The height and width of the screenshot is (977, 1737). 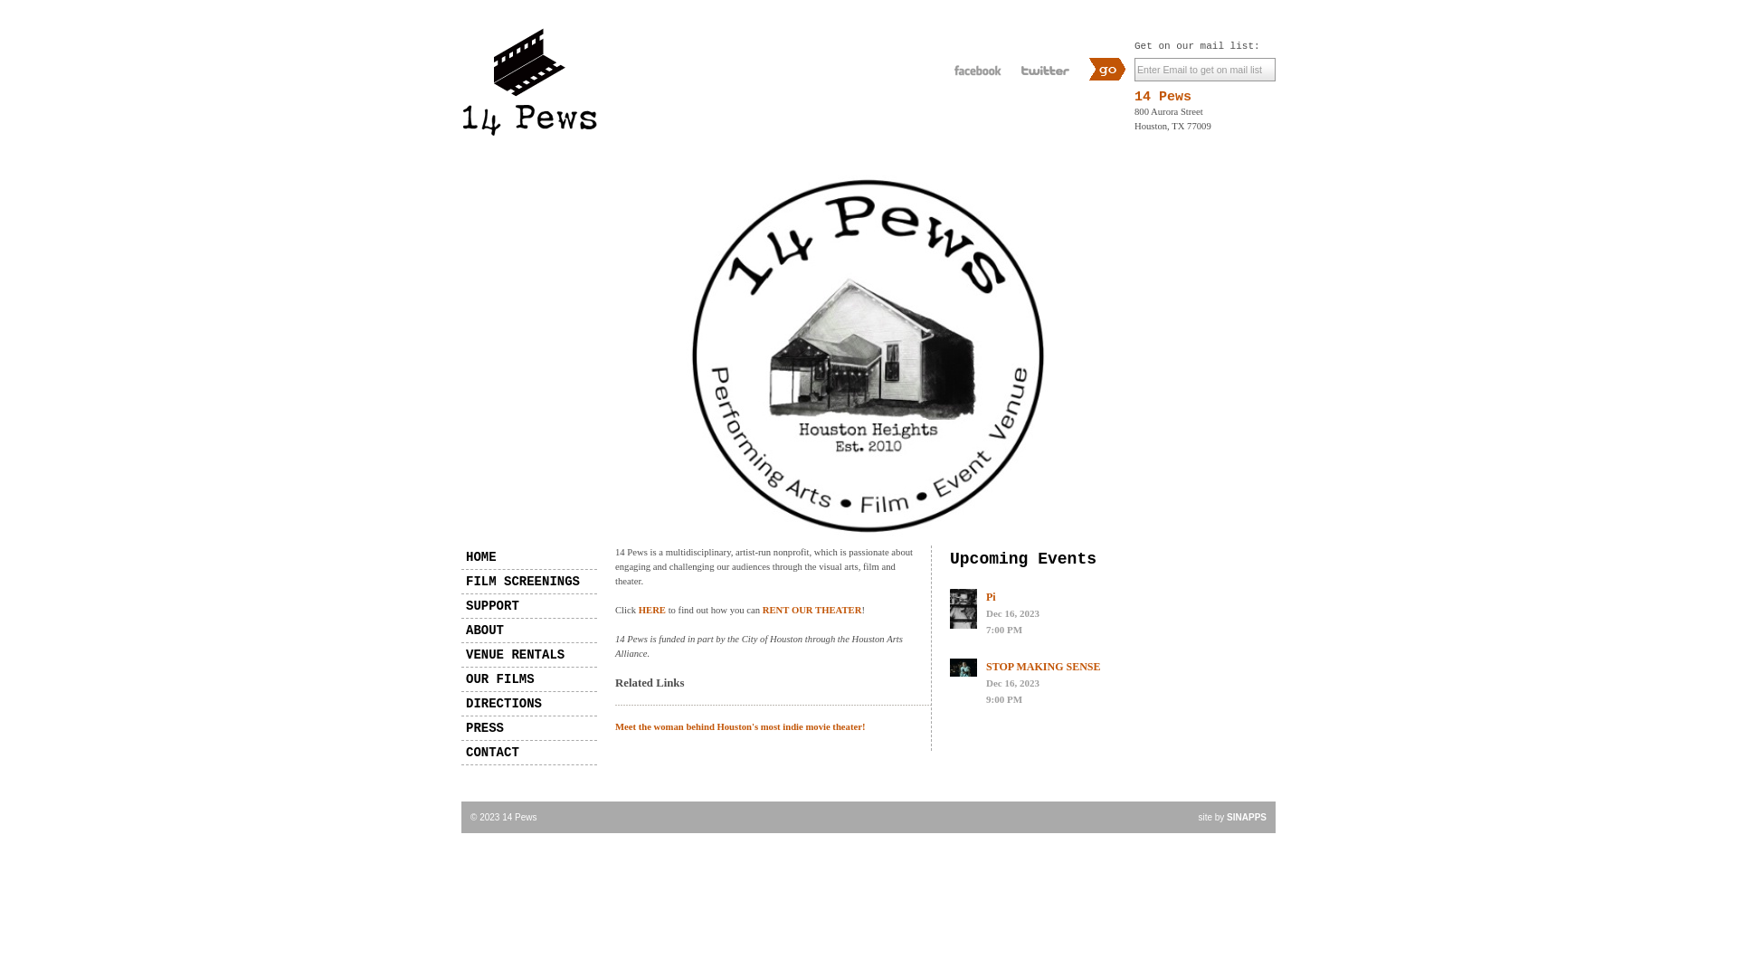 What do you see at coordinates (460, 606) in the screenshot?
I see `'SUPPORT'` at bounding box center [460, 606].